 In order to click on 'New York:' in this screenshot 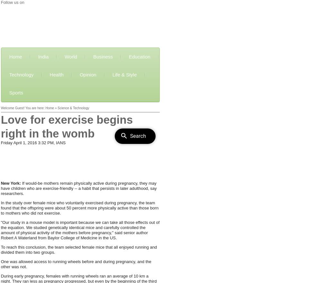, I will do `click(0, 183)`.